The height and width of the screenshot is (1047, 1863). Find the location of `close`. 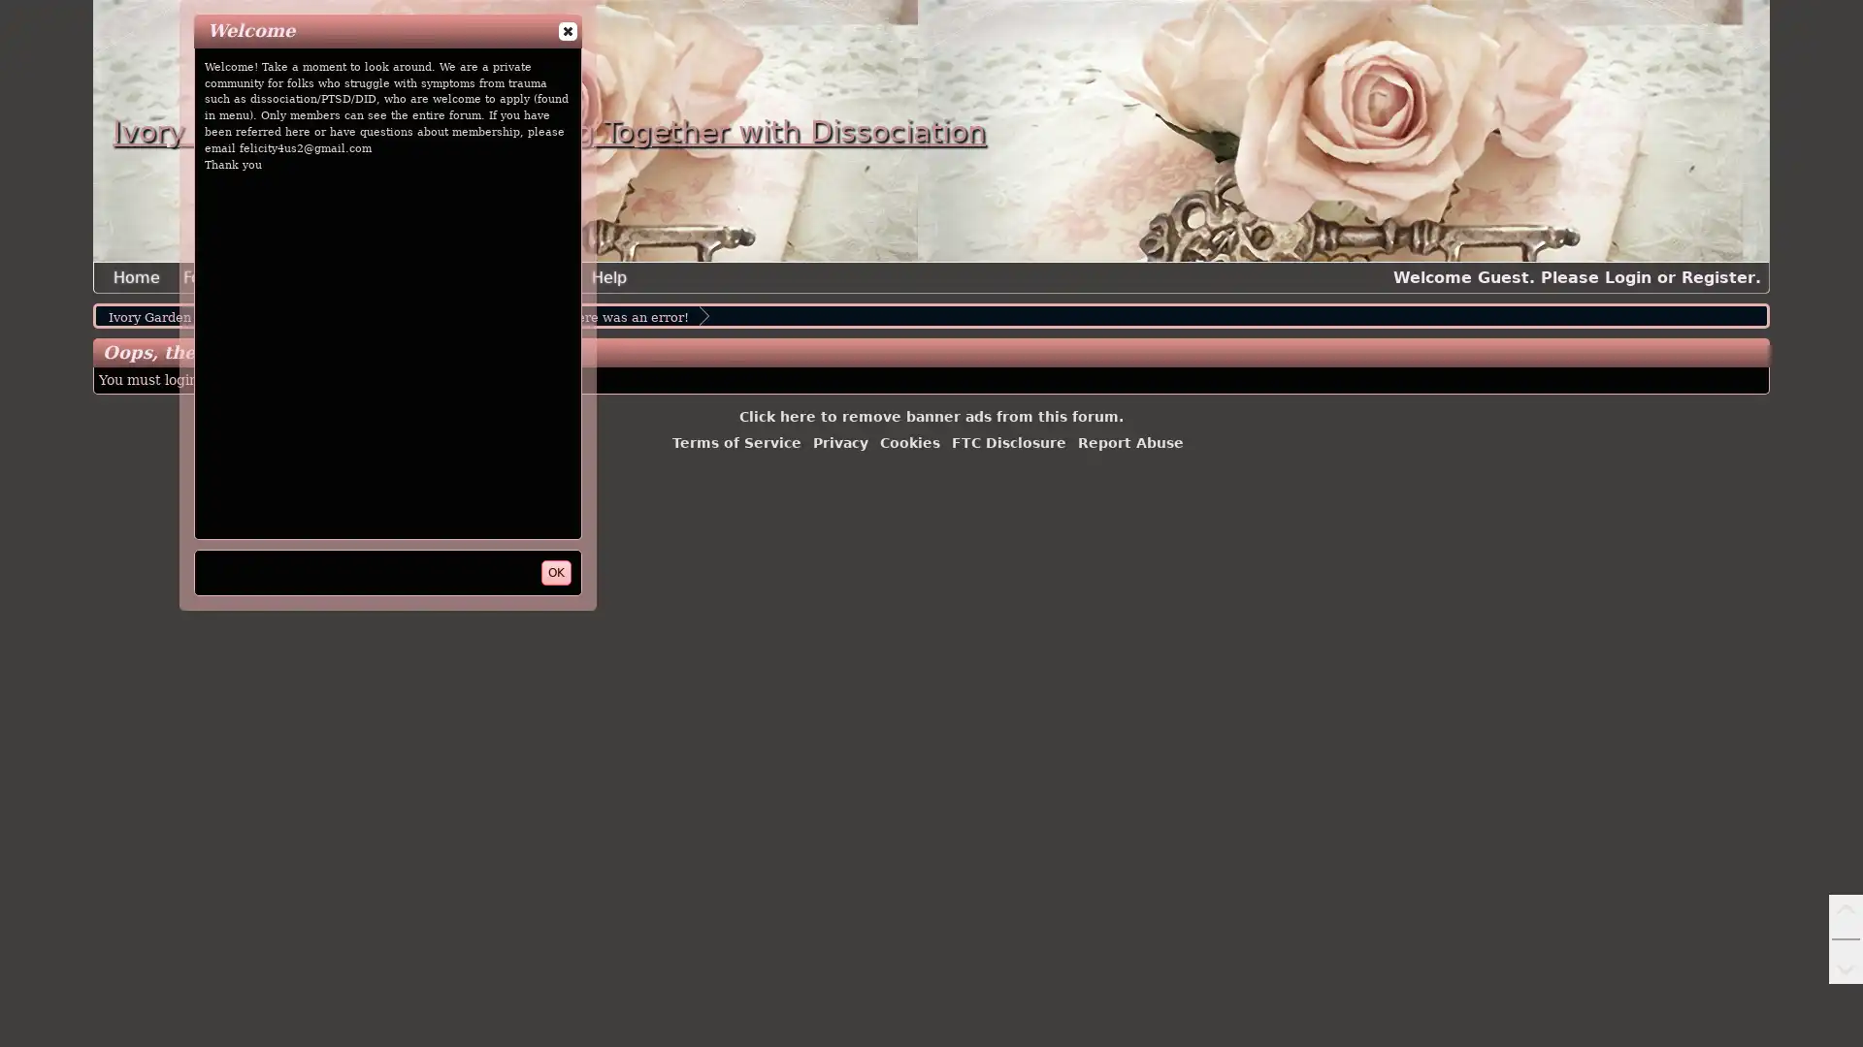

close is located at coordinates (566, 30).